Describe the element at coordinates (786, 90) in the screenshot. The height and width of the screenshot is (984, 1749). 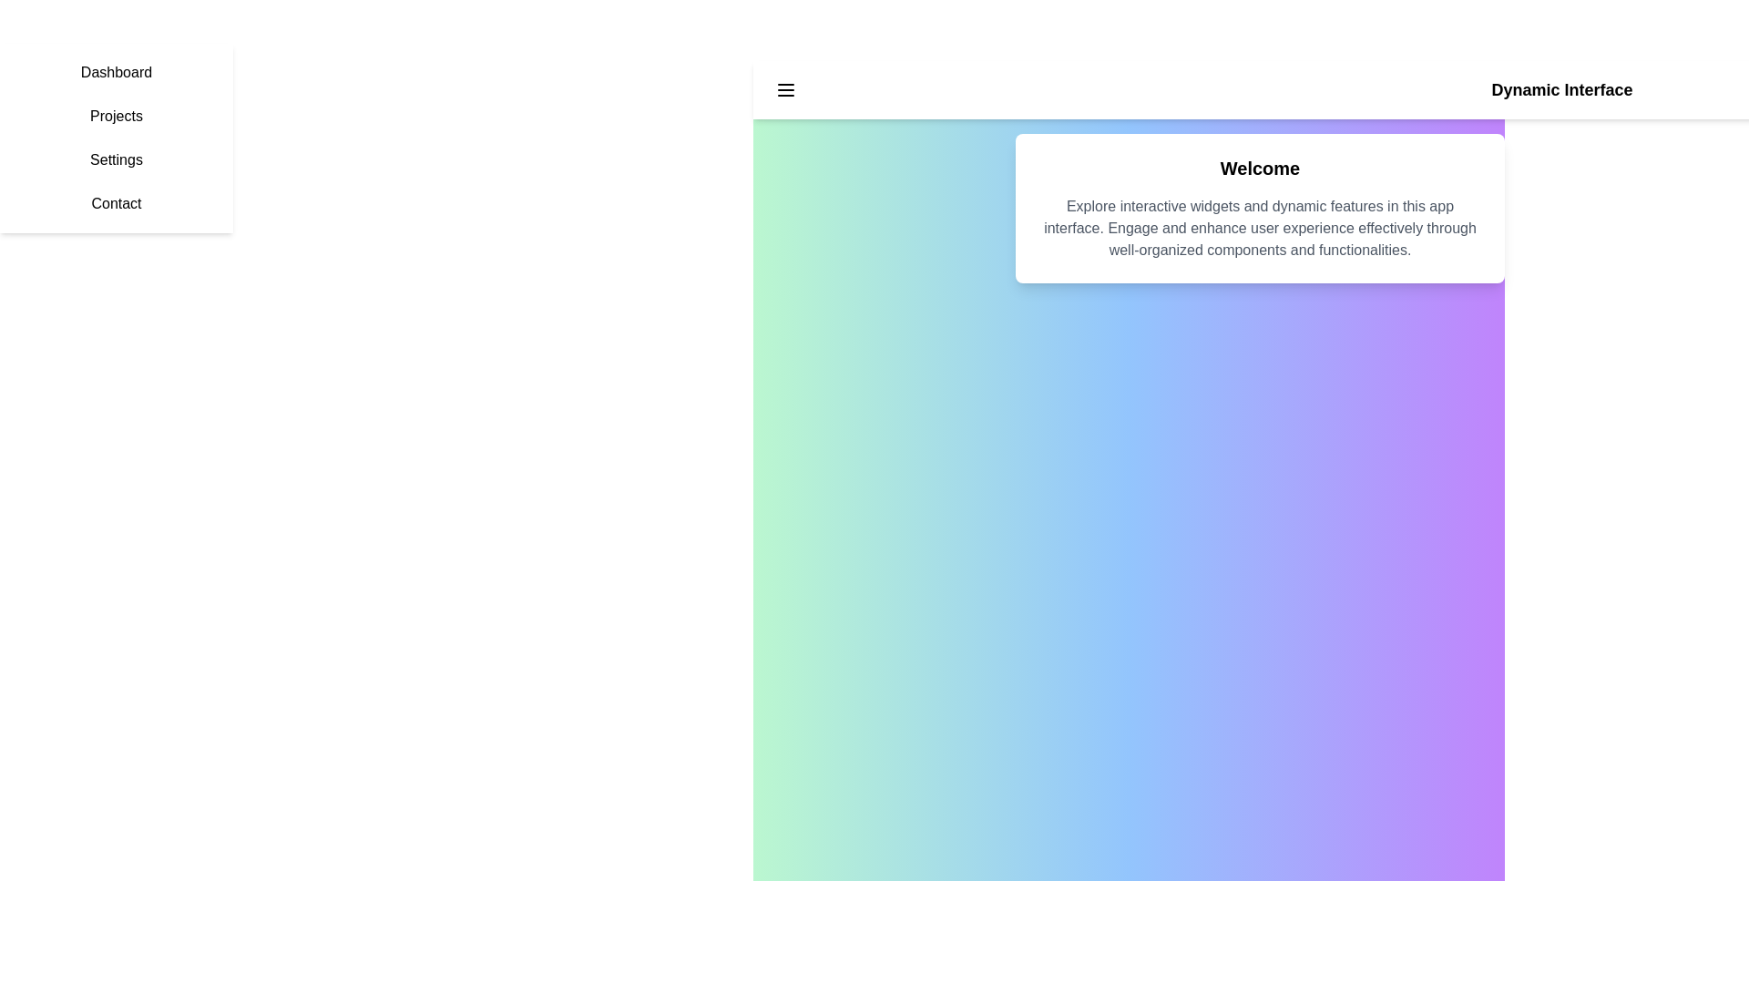
I see `the menu button to toggle the sidebar visibility` at that location.